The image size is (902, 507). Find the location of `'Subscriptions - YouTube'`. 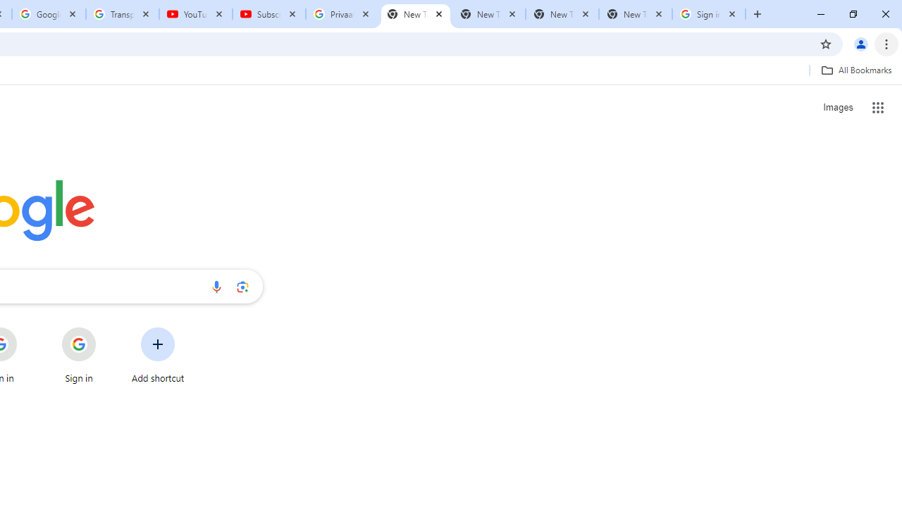

'Subscriptions - YouTube' is located at coordinates (269, 14).